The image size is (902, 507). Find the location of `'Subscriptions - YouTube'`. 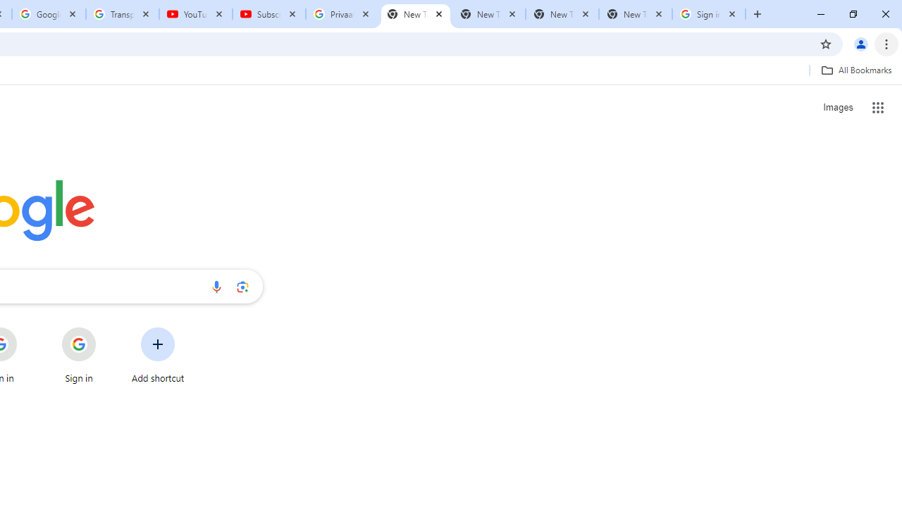

'Subscriptions - YouTube' is located at coordinates (269, 14).